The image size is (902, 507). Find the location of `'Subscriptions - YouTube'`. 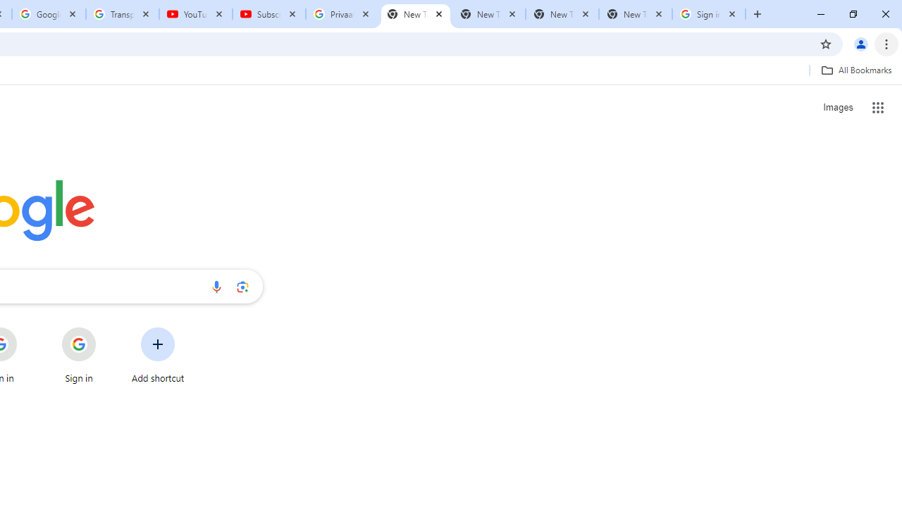

'Subscriptions - YouTube' is located at coordinates (269, 14).